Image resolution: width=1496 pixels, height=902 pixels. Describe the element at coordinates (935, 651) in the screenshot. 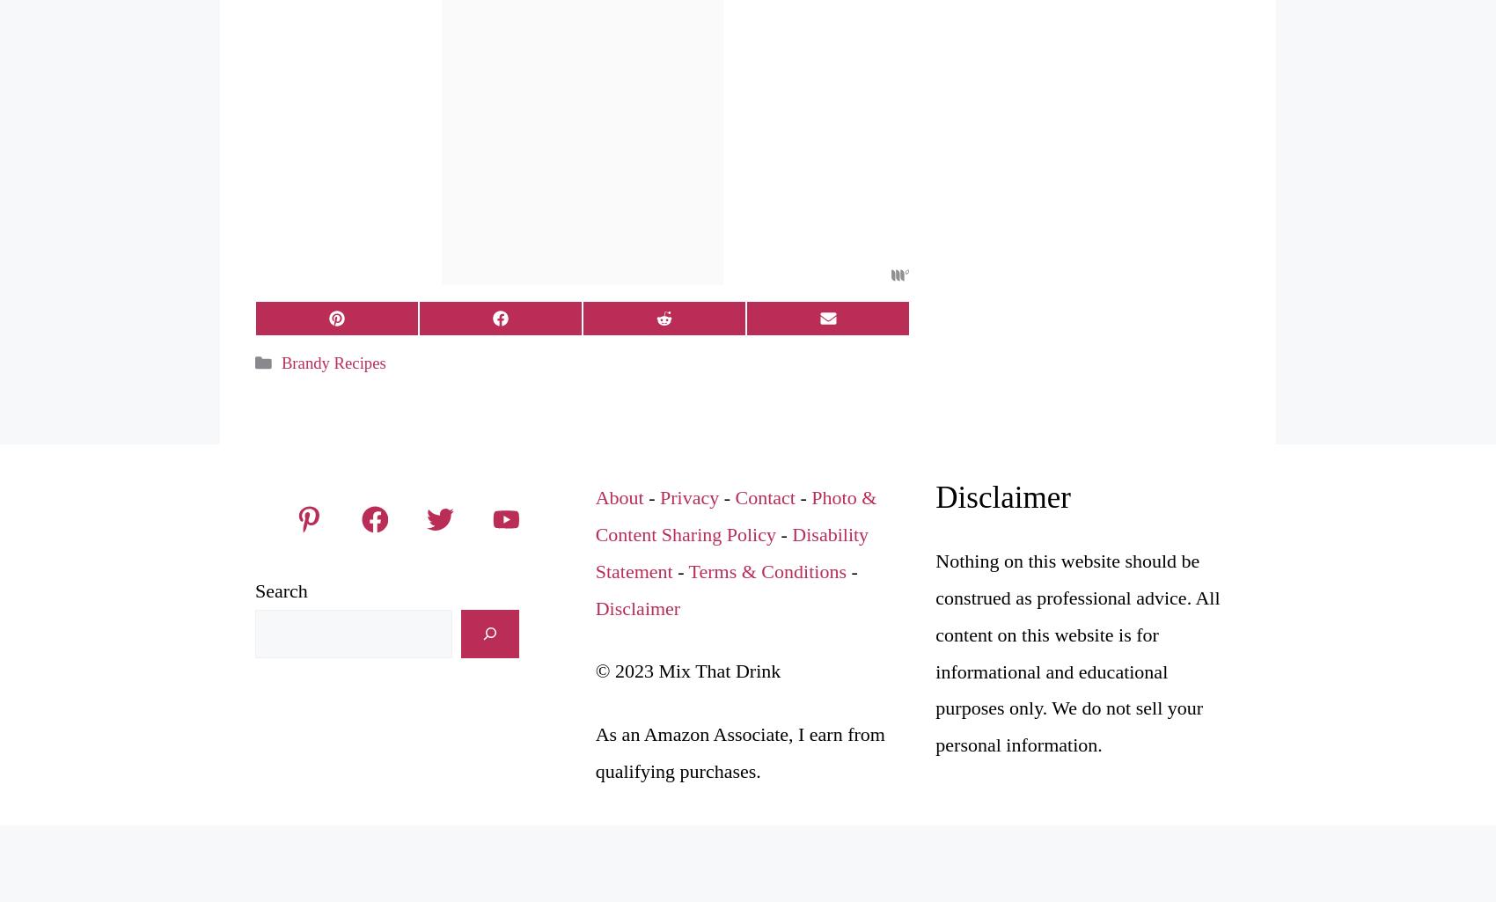

I see `'Nothing on this website should be construed as professional advice. All content on this website is for informational and educational purposes only. We do not sell your personal information.'` at that location.